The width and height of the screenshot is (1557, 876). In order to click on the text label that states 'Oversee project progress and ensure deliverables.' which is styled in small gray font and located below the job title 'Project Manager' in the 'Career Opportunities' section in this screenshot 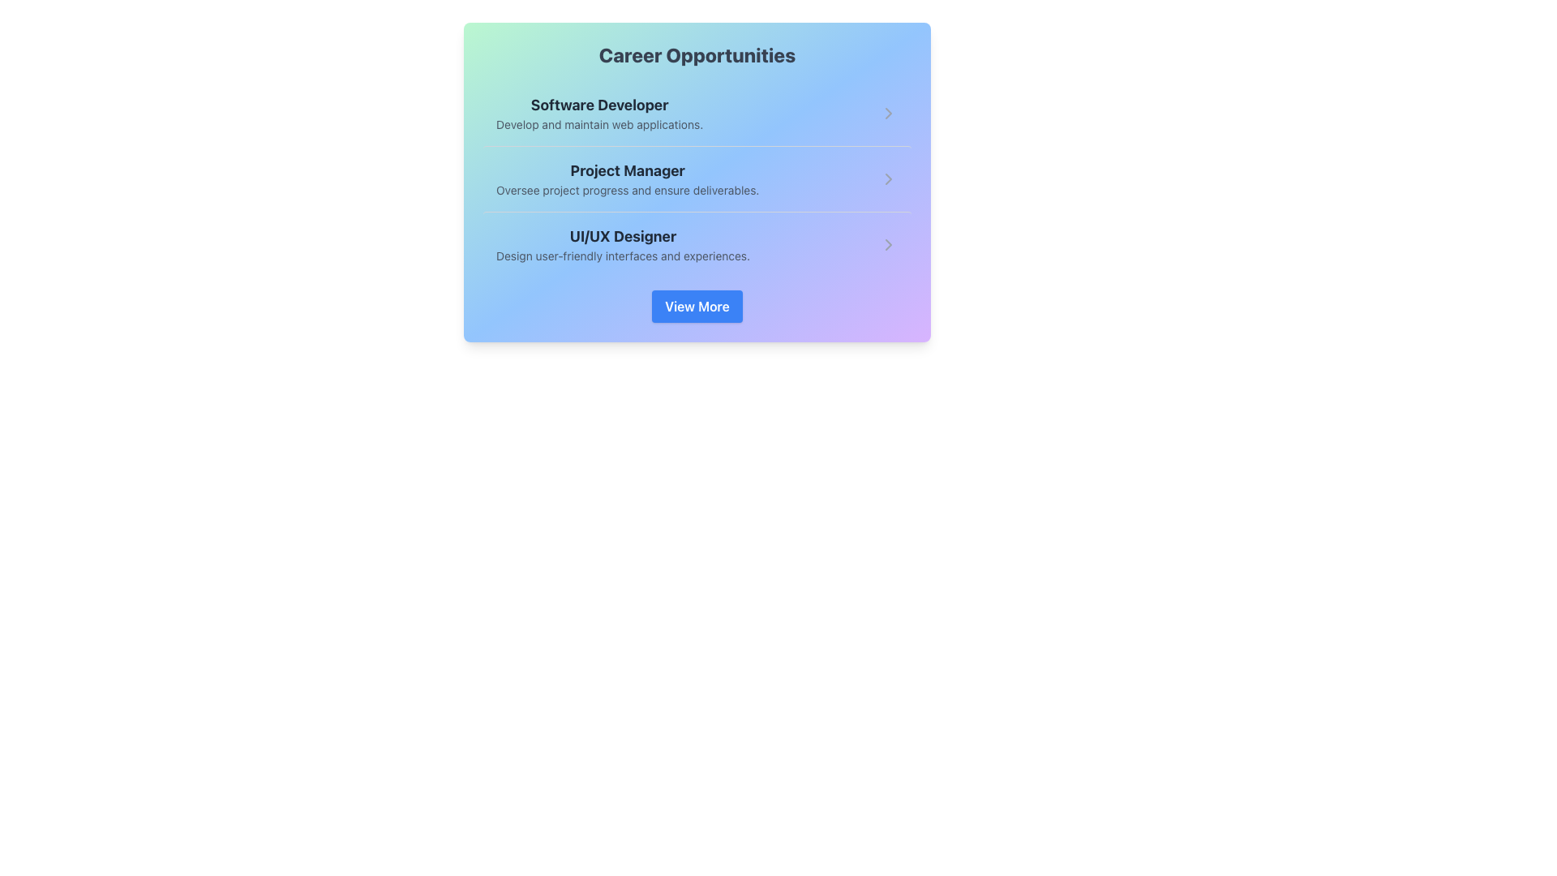, I will do `click(627, 190)`.